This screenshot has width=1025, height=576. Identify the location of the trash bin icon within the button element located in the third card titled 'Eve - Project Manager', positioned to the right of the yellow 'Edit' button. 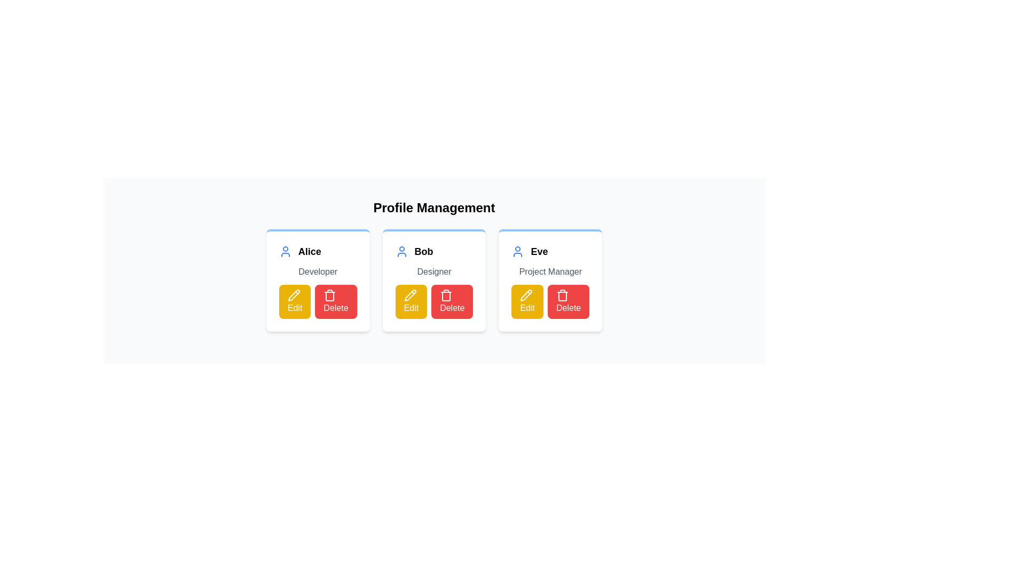
(562, 295).